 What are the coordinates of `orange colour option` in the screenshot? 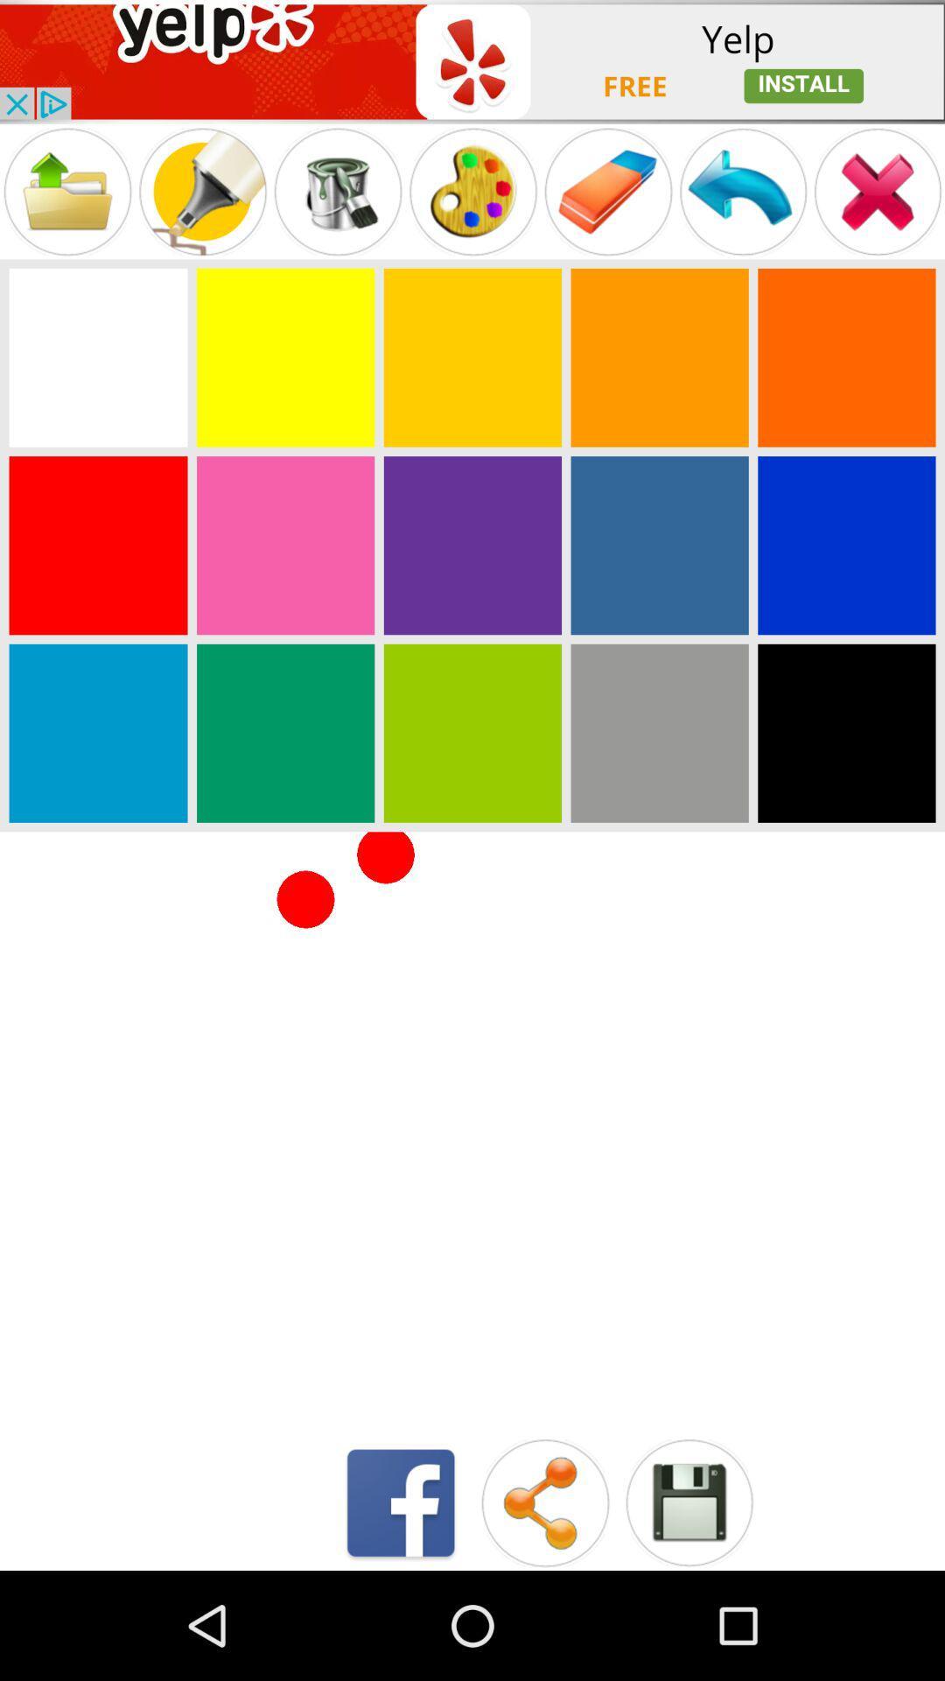 It's located at (845, 356).